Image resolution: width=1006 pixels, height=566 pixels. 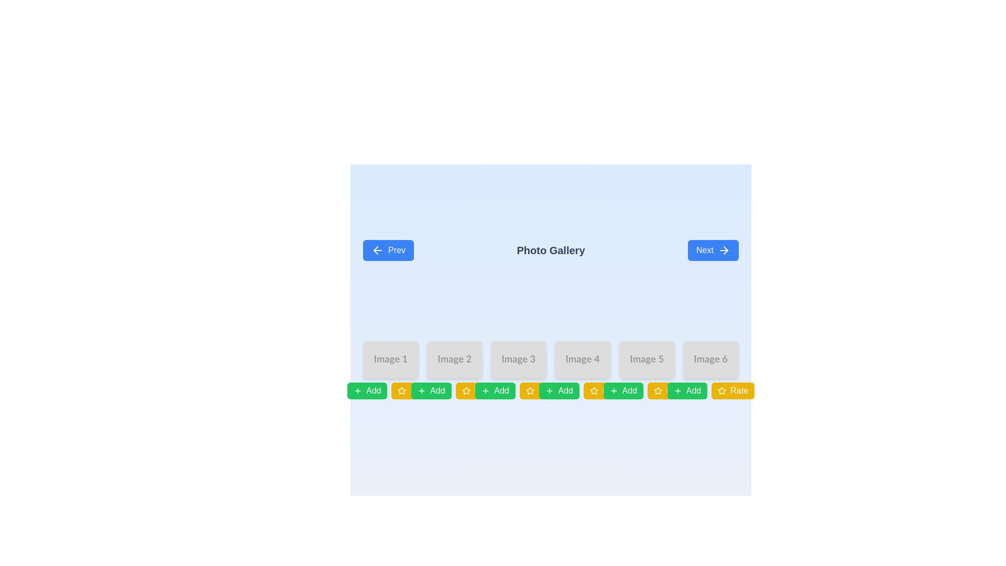 I want to click on the Static Text Label displaying the word 'Rate', which is rendered in white text, part of a button on the far-right in a row of similar buttons underneath the image gallery, so click(x=675, y=390).